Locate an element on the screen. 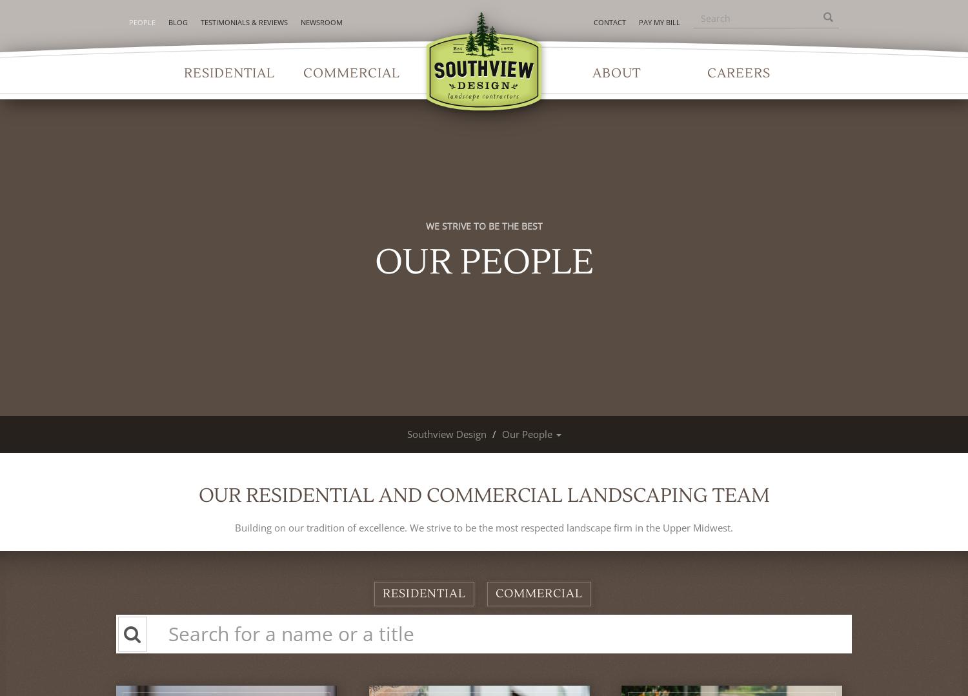 The image size is (968, 696). 'Southview Design' is located at coordinates (445, 433).